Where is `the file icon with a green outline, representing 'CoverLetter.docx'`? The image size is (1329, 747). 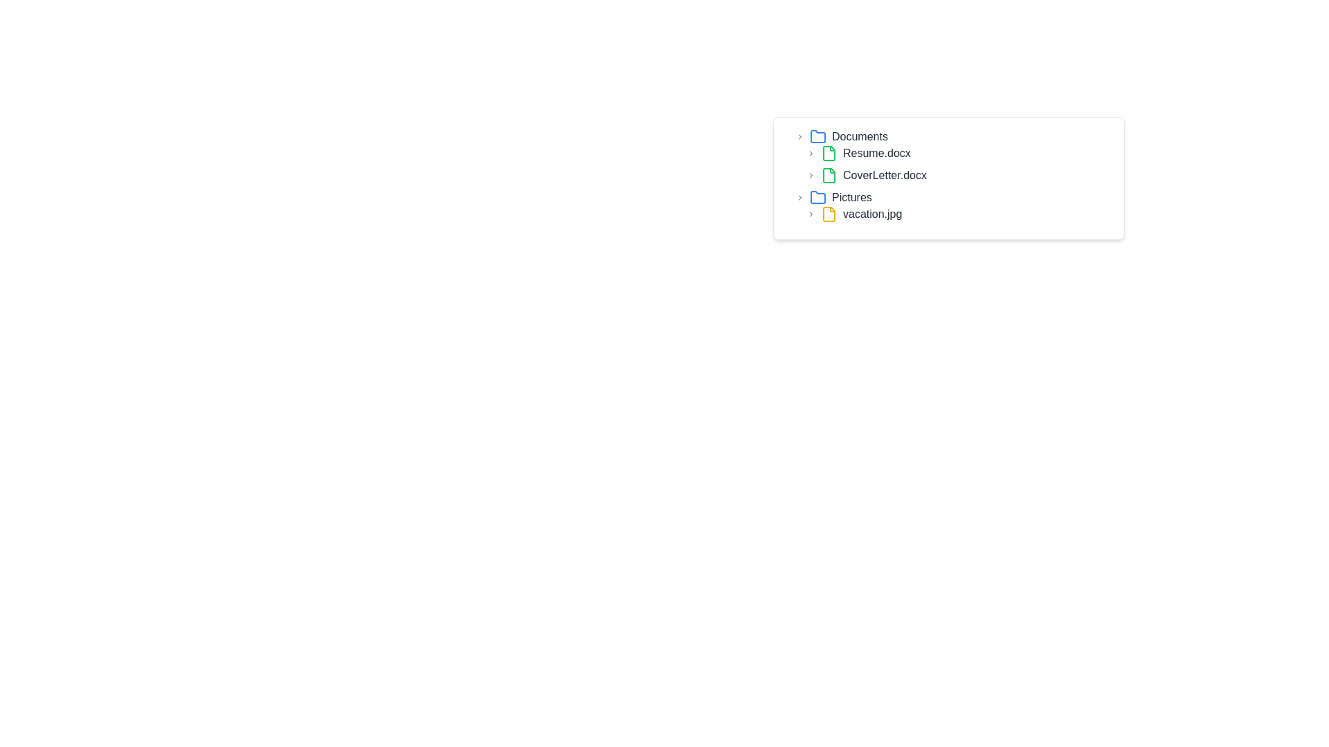 the file icon with a green outline, representing 'CoverLetter.docx' is located at coordinates (829, 175).